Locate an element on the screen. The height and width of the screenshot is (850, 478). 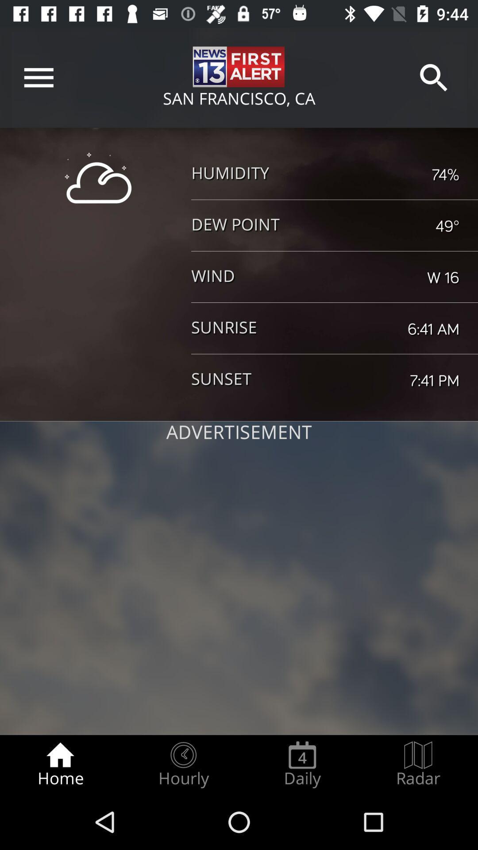
the home at the bottom left corner is located at coordinates (60, 764).